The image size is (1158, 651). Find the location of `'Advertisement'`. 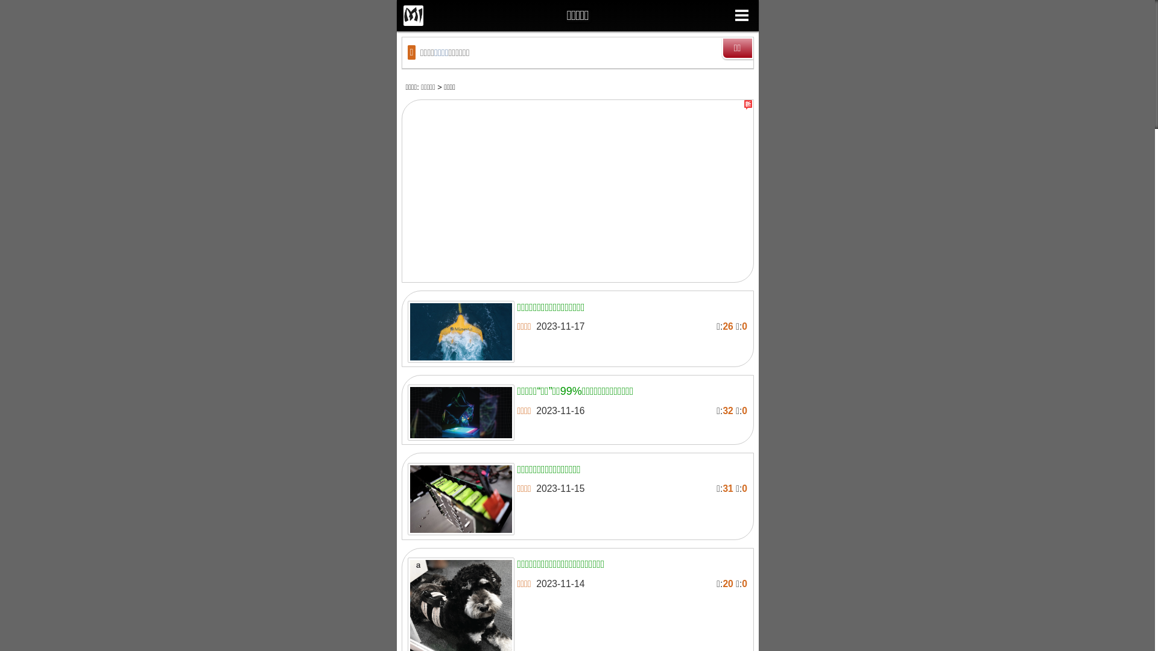

'Advertisement' is located at coordinates (577, 193).